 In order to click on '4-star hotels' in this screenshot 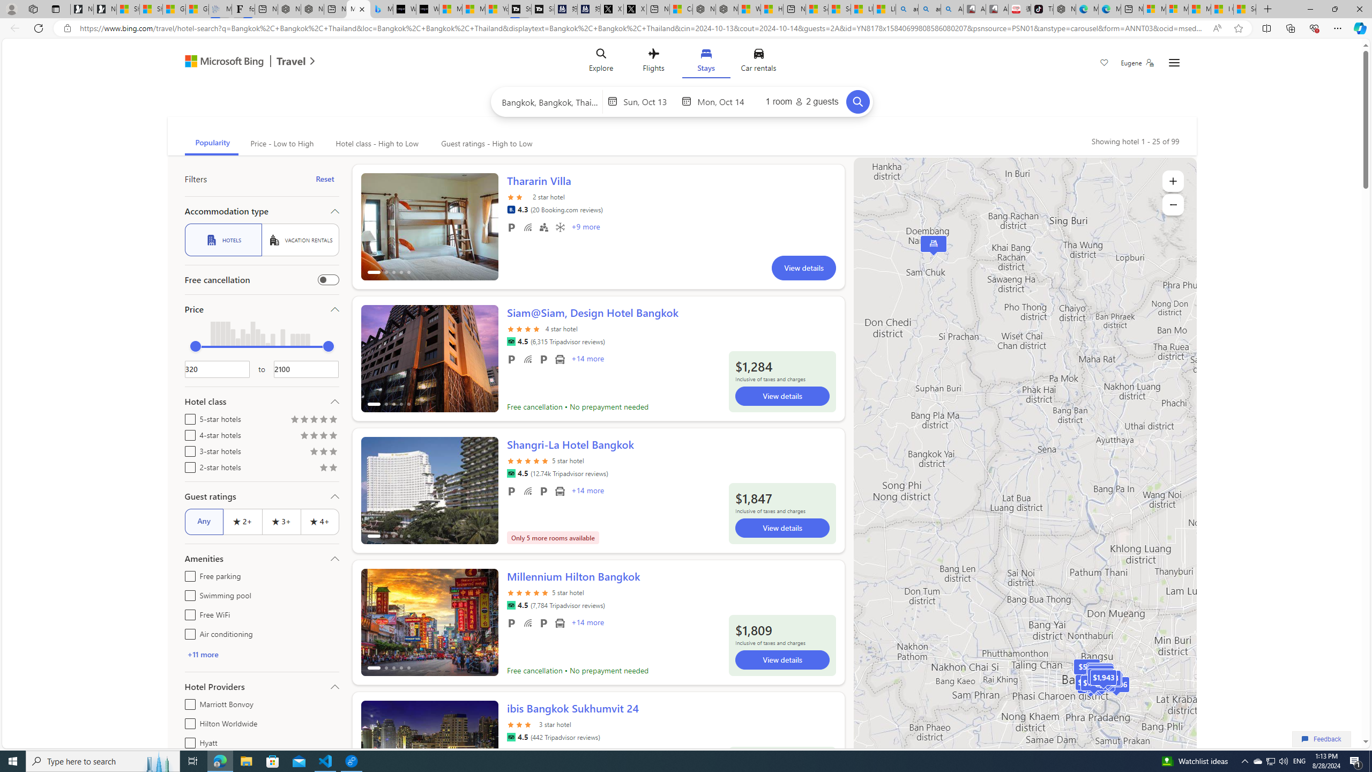, I will do `click(188, 433)`.